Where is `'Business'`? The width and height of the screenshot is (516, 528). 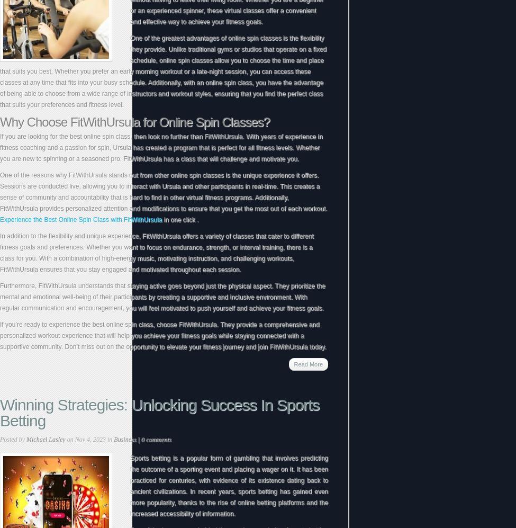 'Business' is located at coordinates (125, 440).